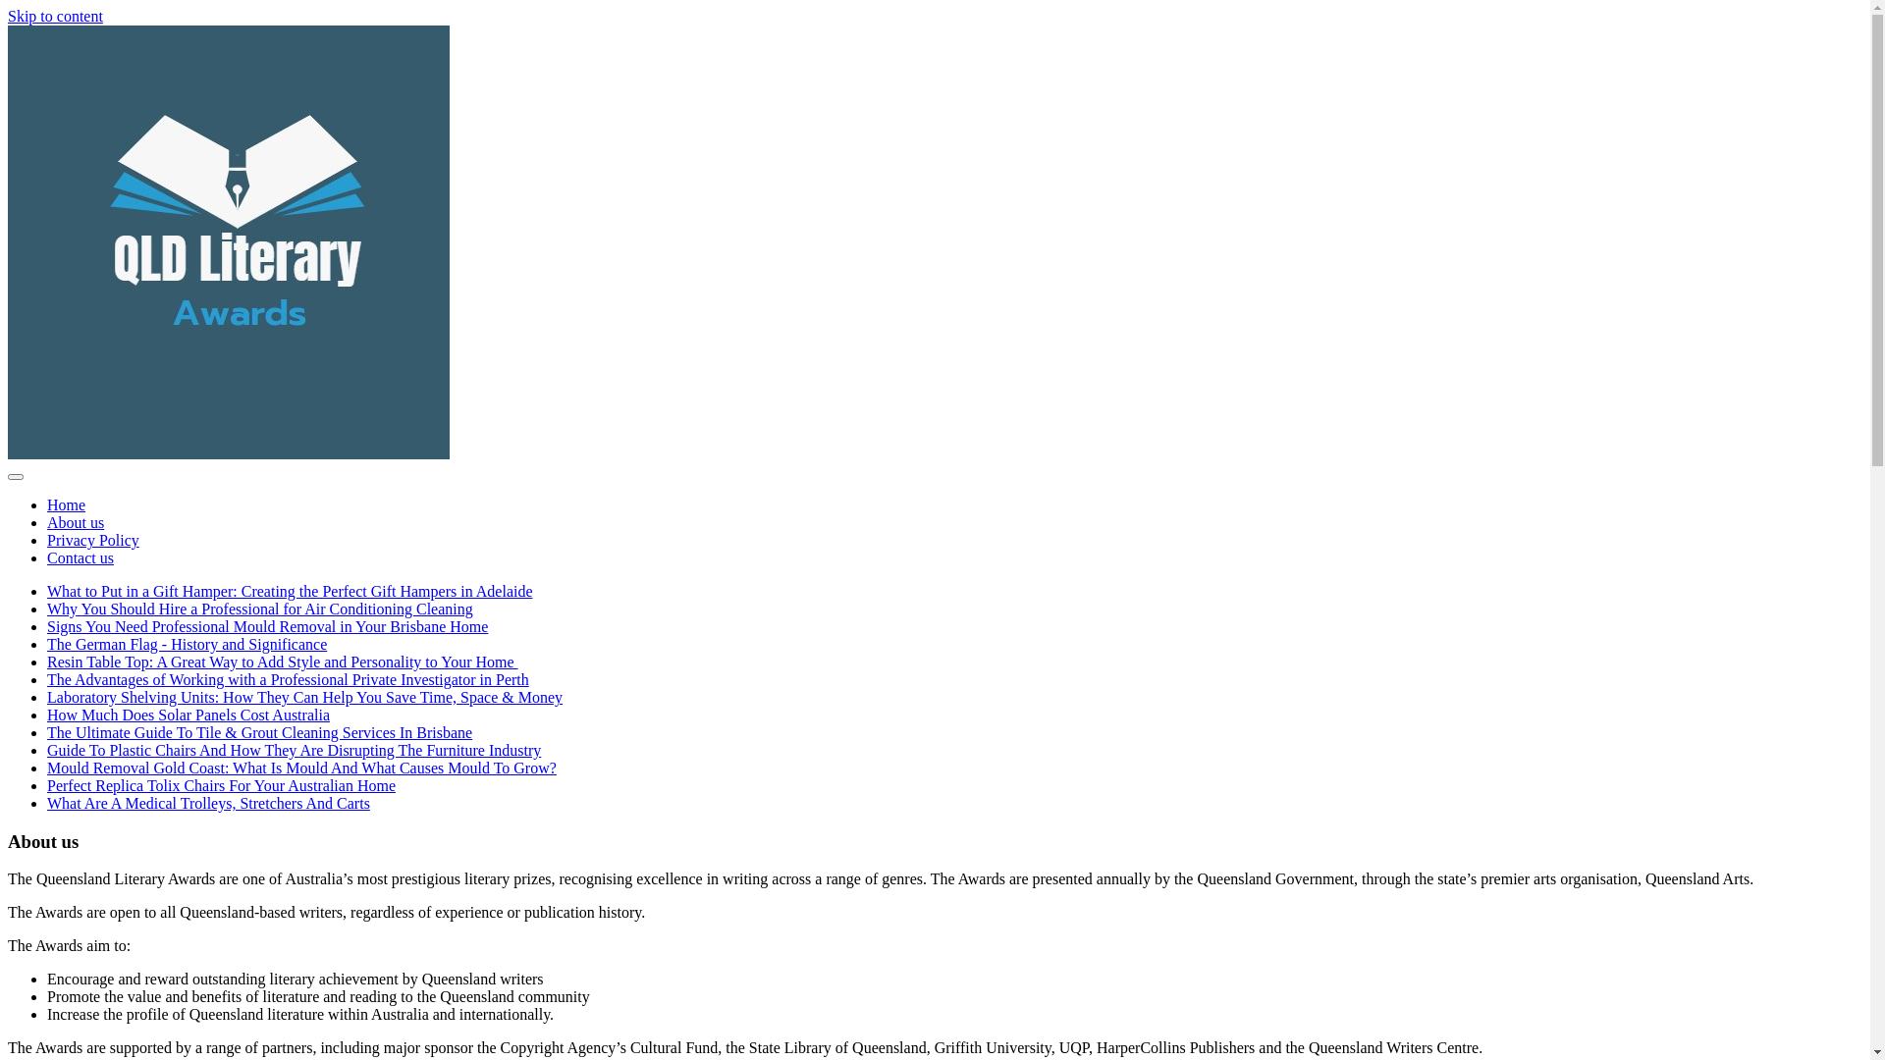 This screenshot has width=1885, height=1060. Describe the element at coordinates (188, 715) in the screenshot. I see `'How Much Does Solar Panels Cost Australia'` at that location.